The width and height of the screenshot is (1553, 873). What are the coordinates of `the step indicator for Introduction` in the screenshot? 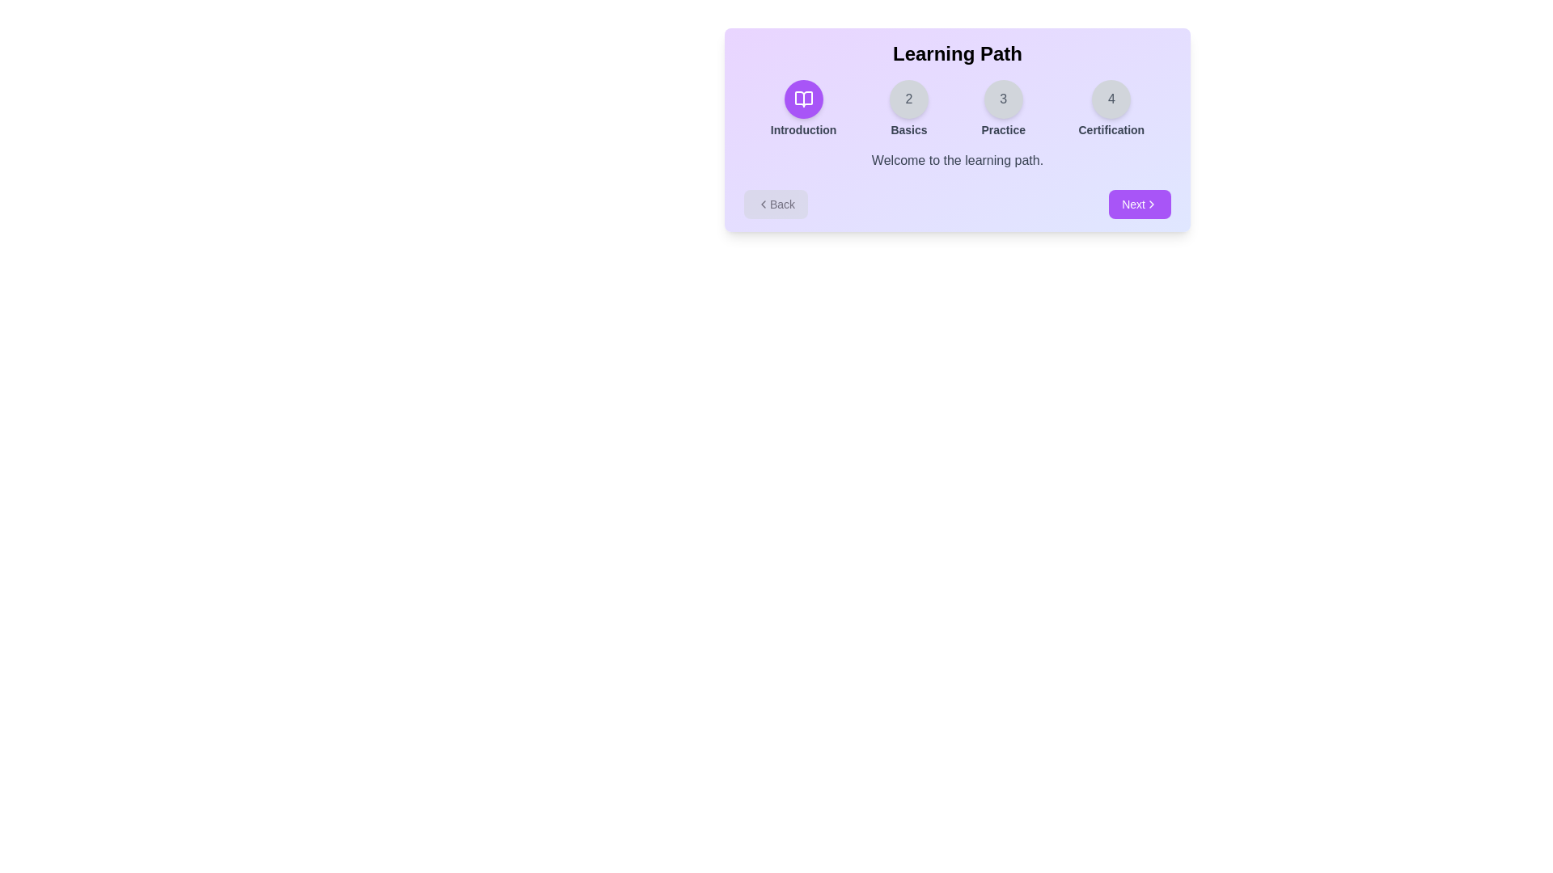 It's located at (803, 109).